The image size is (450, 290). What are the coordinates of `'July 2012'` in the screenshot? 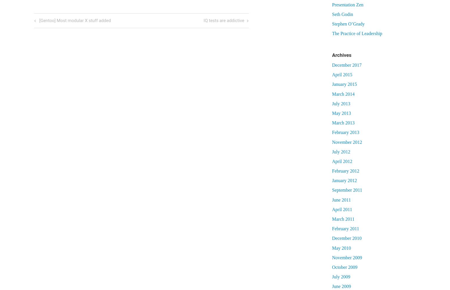 It's located at (341, 151).